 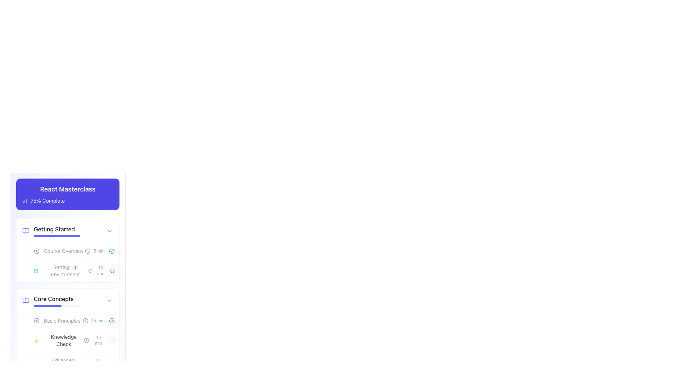 I want to click on the time-related Text label with an associated icon indicating the duration for the 'Knowledge Check' activity in the 'Core Concepts' section, so click(x=99, y=340).